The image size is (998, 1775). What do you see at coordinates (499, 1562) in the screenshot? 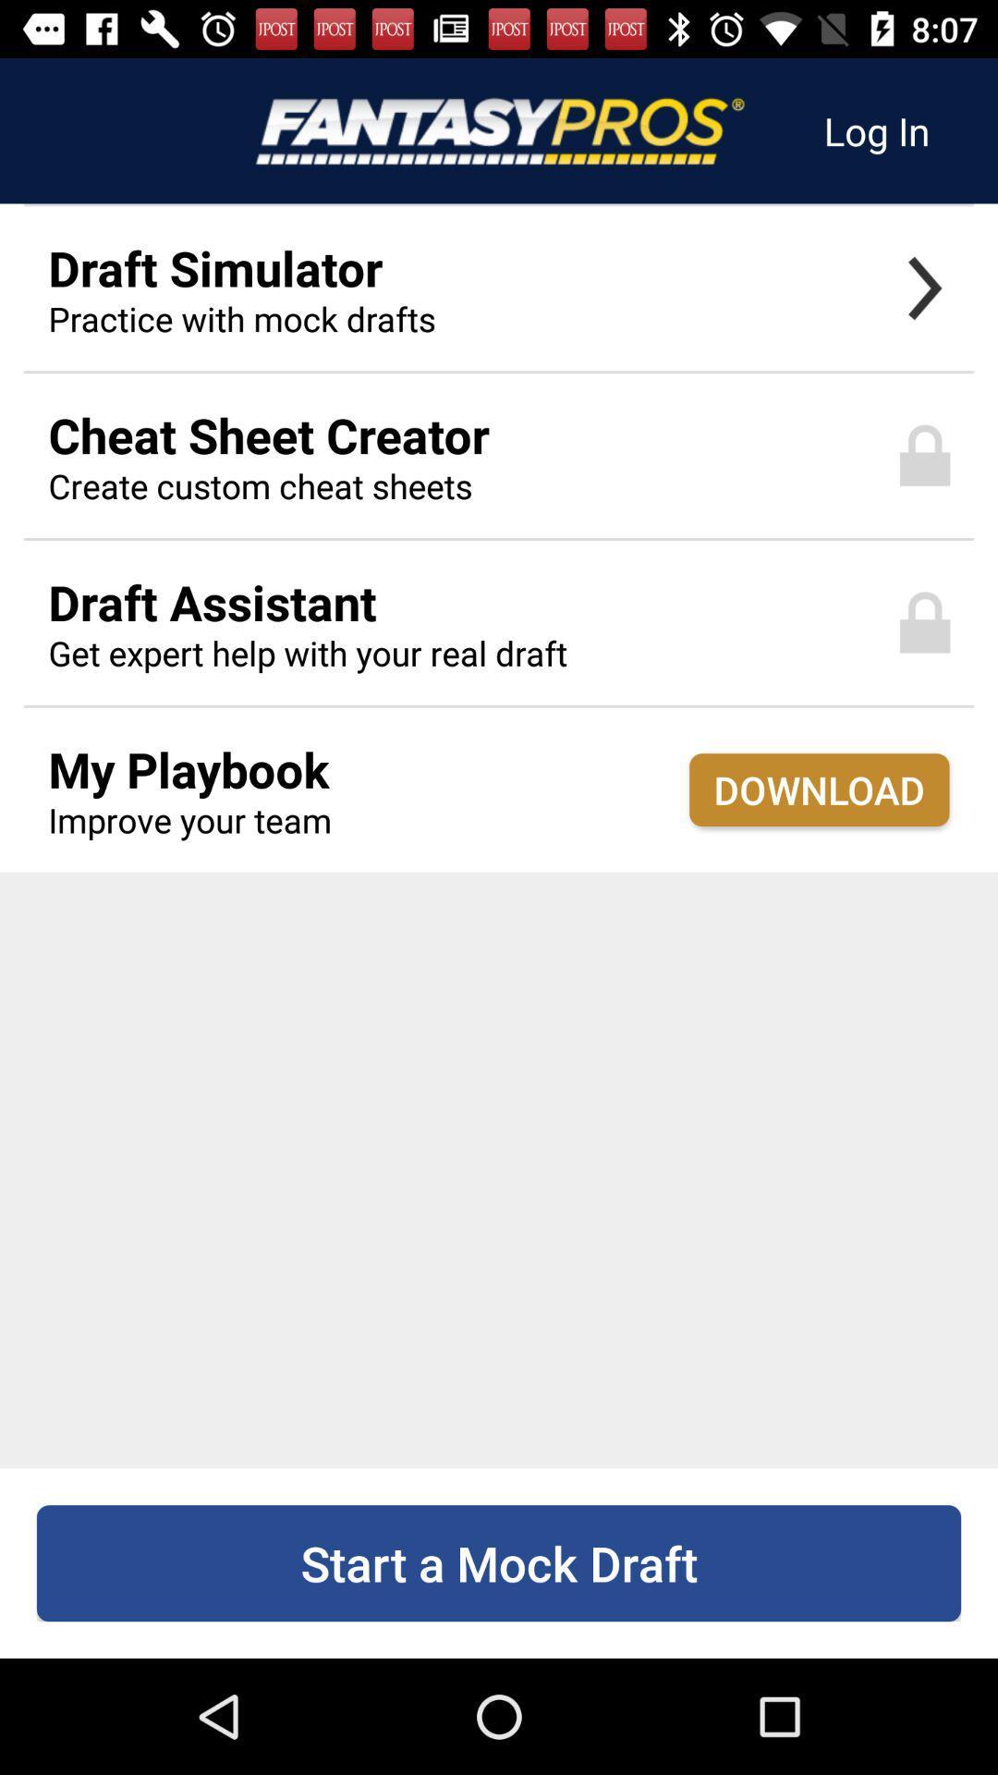
I see `start a mock` at bounding box center [499, 1562].